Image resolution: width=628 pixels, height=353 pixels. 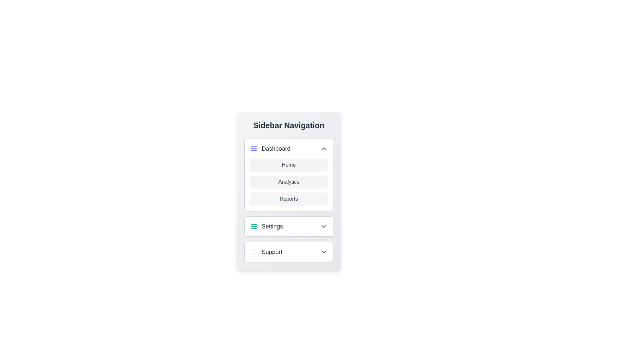 What do you see at coordinates (288, 182) in the screenshot?
I see `the 'Analytics' navigation item in the Dashboard menu` at bounding box center [288, 182].